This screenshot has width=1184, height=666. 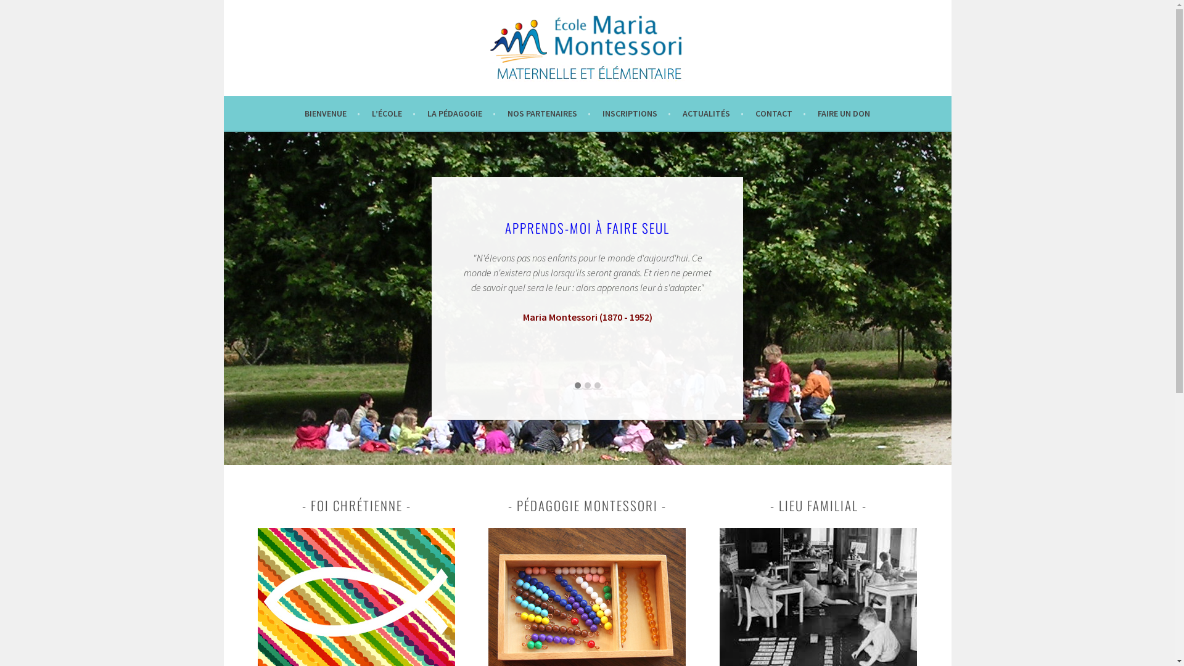 What do you see at coordinates (780, 113) in the screenshot?
I see `'CONTACT'` at bounding box center [780, 113].